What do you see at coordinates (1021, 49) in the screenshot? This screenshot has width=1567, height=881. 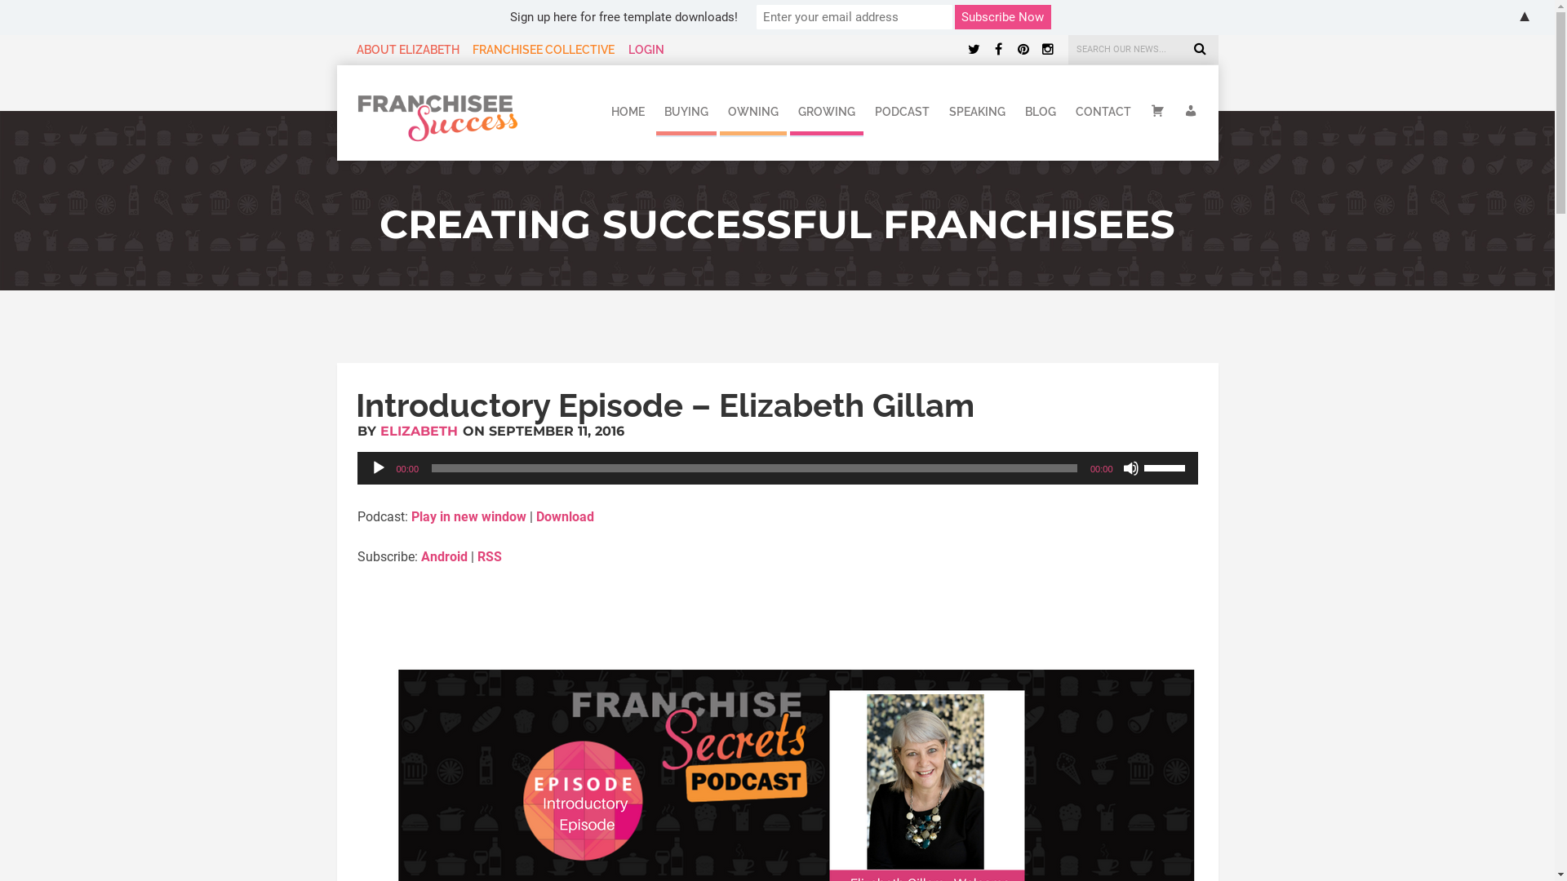 I see `'Pinterest'` at bounding box center [1021, 49].